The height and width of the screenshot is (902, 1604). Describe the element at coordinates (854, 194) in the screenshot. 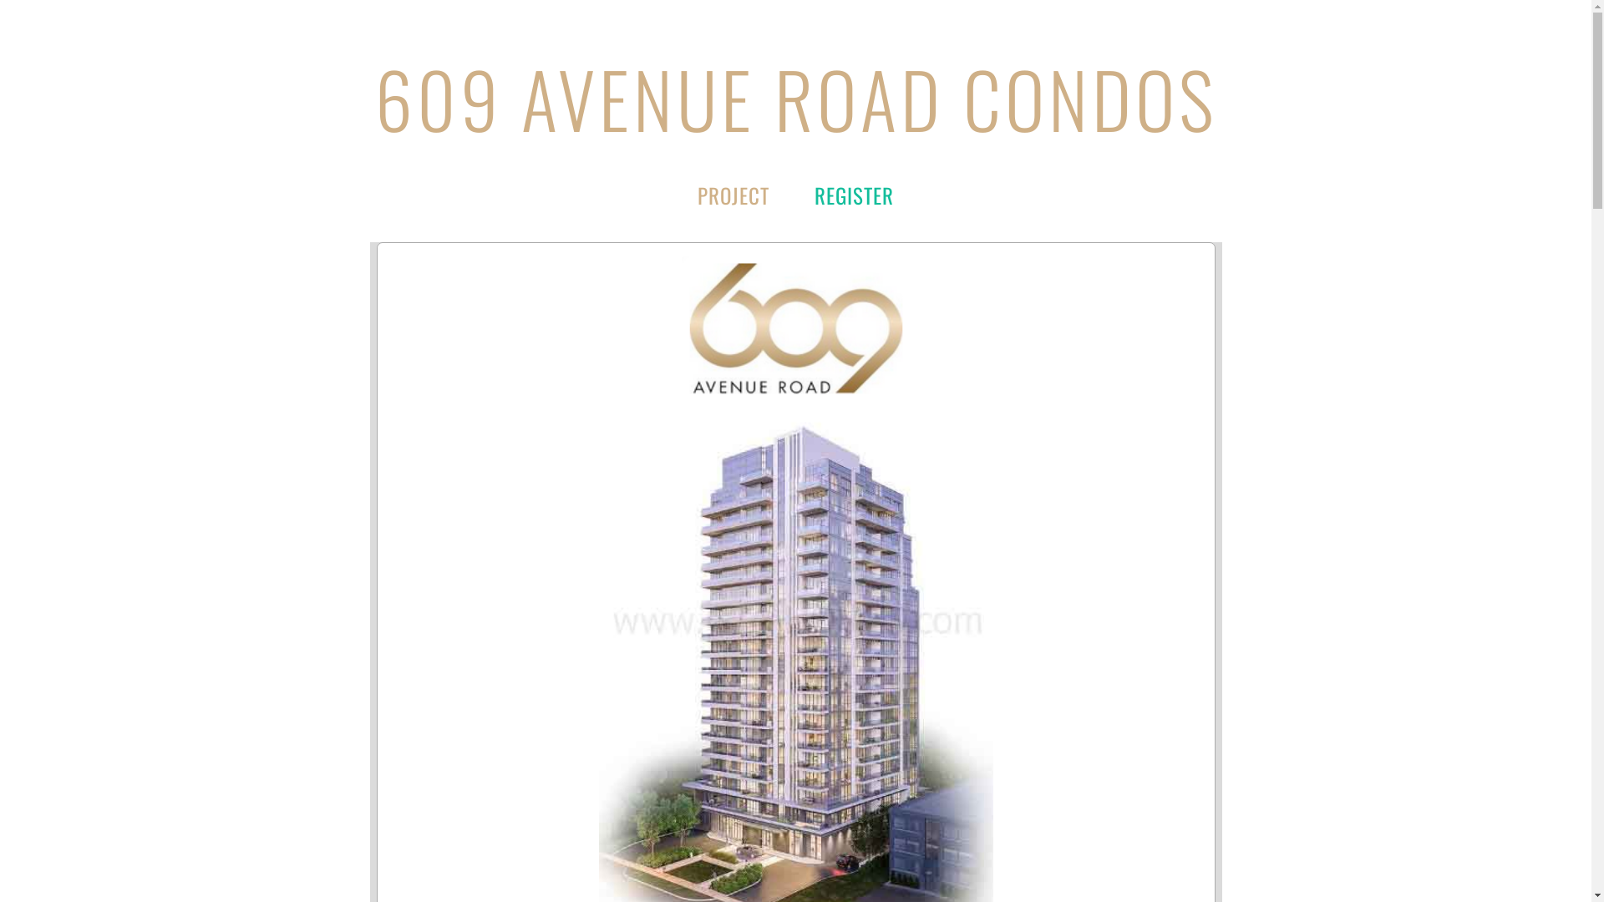

I see `'REGISTER'` at that location.